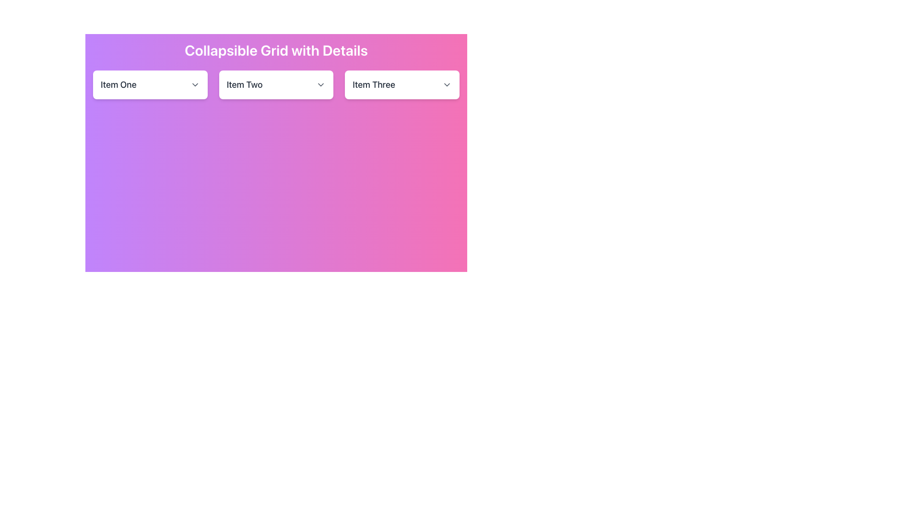 Image resolution: width=921 pixels, height=518 pixels. I want to click on the dropdown trigger located to the right of the 'Item One' label, so click(194, 84).